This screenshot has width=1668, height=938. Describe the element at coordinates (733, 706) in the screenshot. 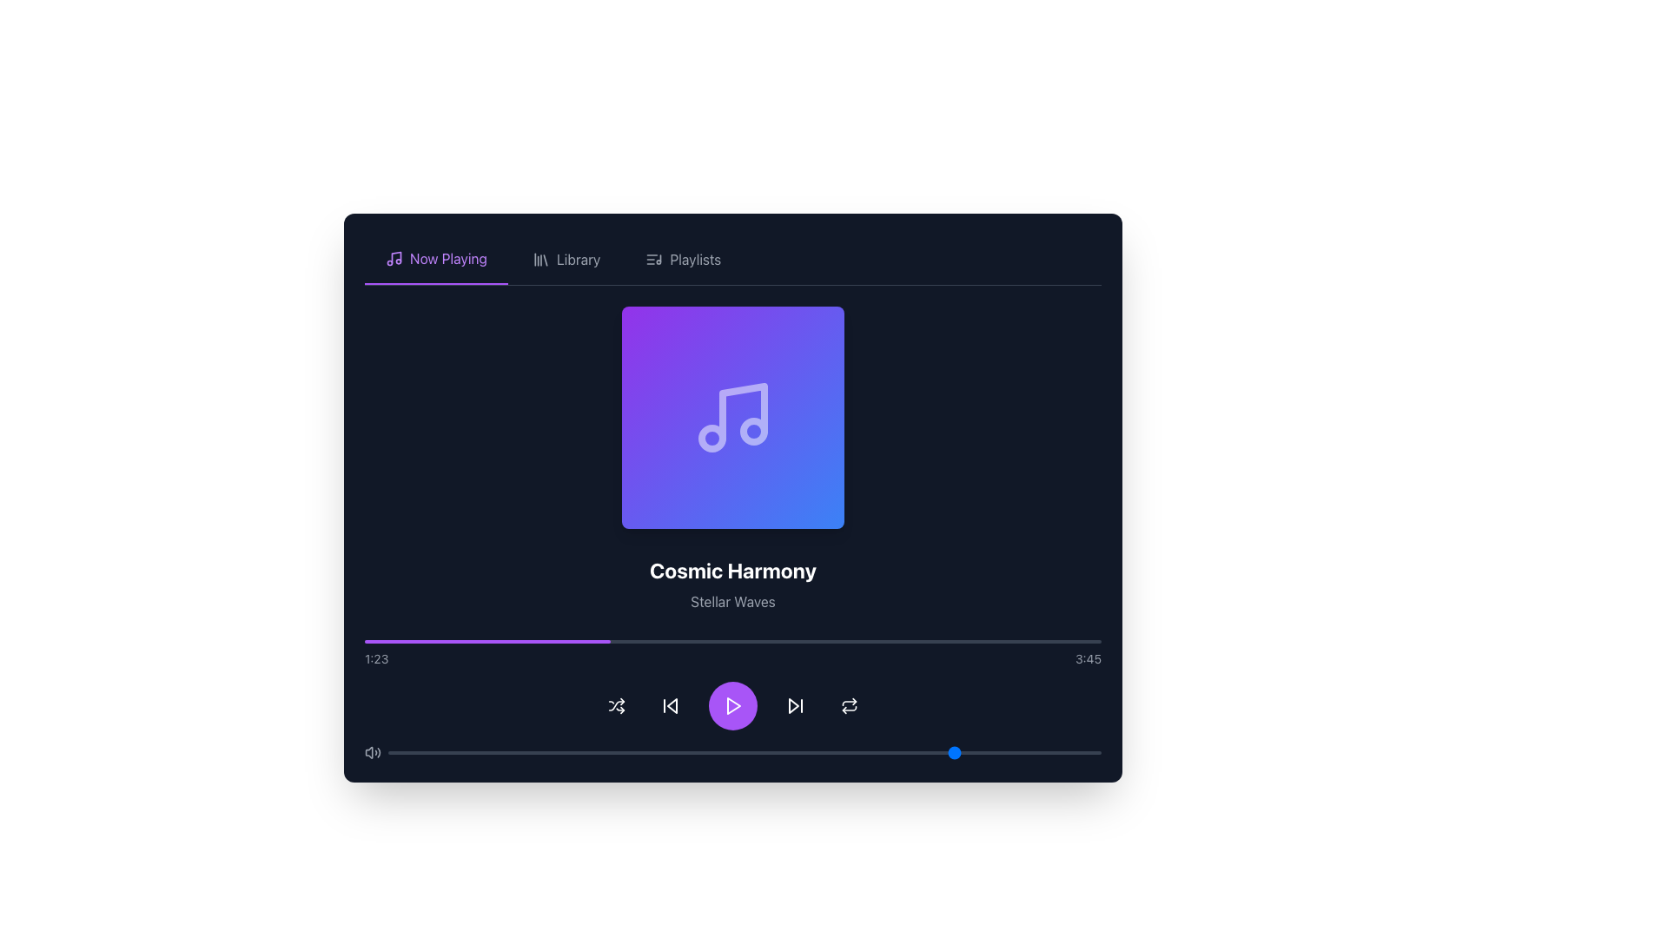

I see `on the Media Control Button, which is a triangular-shaped Play icon with a purple circular background, located centrally in the bottom control bar of the music player interface` at that location.